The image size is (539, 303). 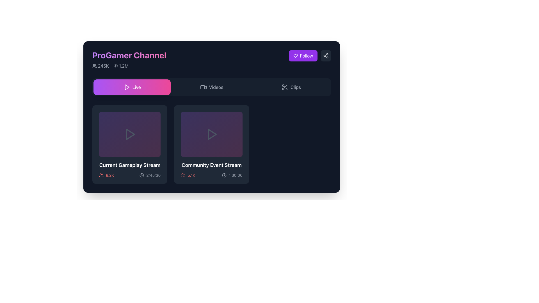 What do you see at coordinates (295, 56) in the screenshot?
I see `the heart icon located to the left of the 'Follow' text within the purple button` at bounding box center [295, 56].